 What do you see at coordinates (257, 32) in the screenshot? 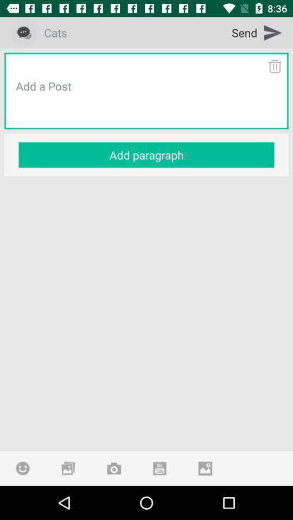
I see `the icon to the right of cats item` at bounding box center [257, 32].